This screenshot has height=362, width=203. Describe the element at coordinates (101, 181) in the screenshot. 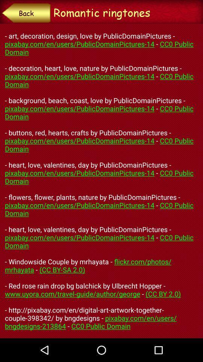

I see `endless love songs at the center` at that location.